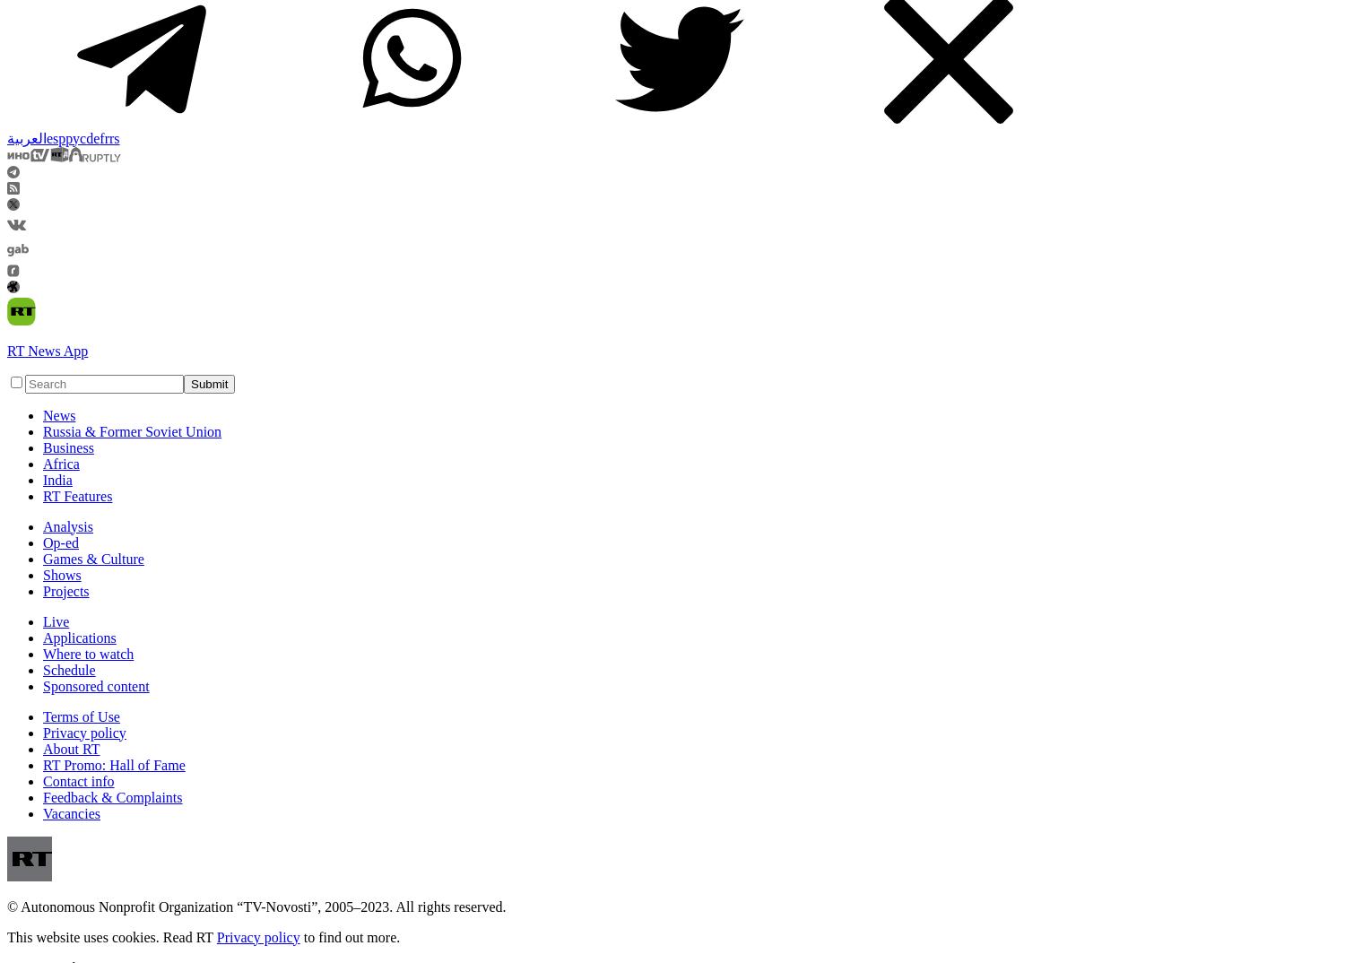 This screenshot has width=1345, height=963. Describe the element at coordinates (94, 684) in the screenshot. I see `'Sponsored content'` at that location.